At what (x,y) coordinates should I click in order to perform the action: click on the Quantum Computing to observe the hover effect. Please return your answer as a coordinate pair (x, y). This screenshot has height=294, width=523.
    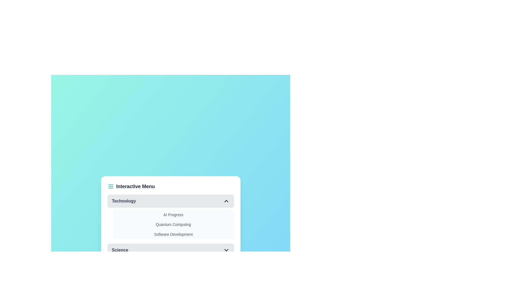
    Looking at the image, I should click on (173, 225).